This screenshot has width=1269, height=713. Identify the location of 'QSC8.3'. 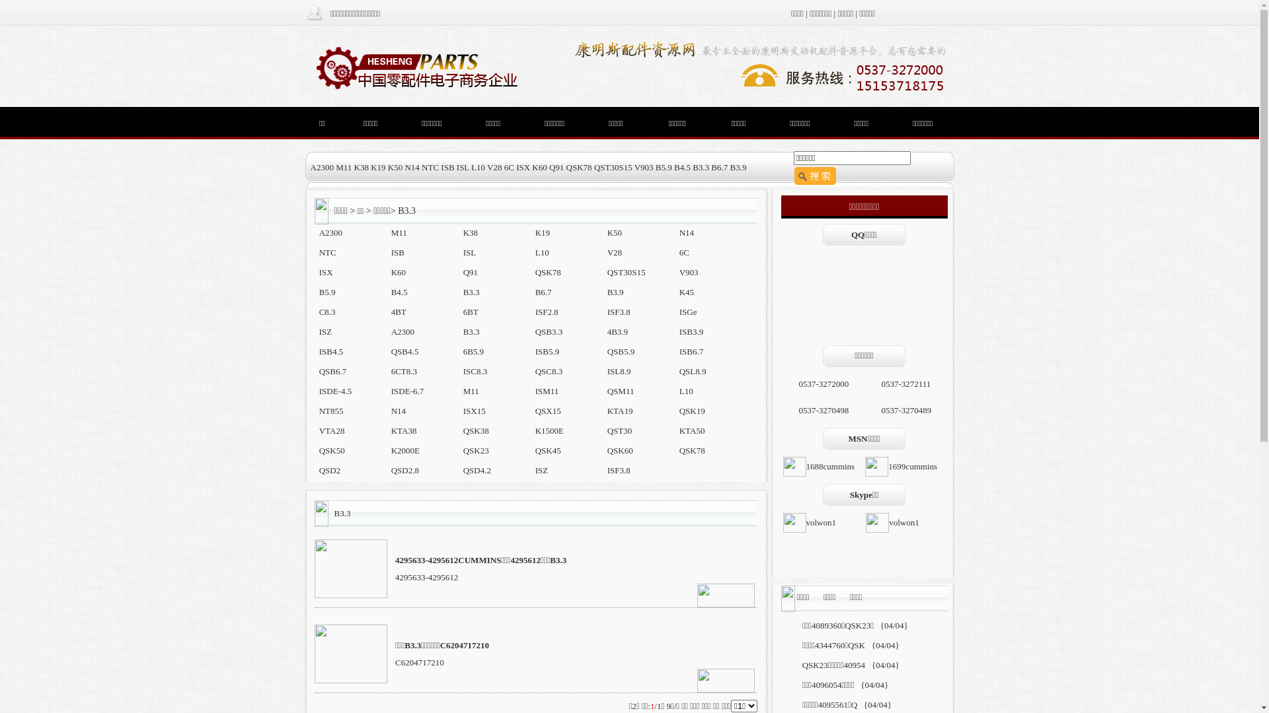
(549, 371).